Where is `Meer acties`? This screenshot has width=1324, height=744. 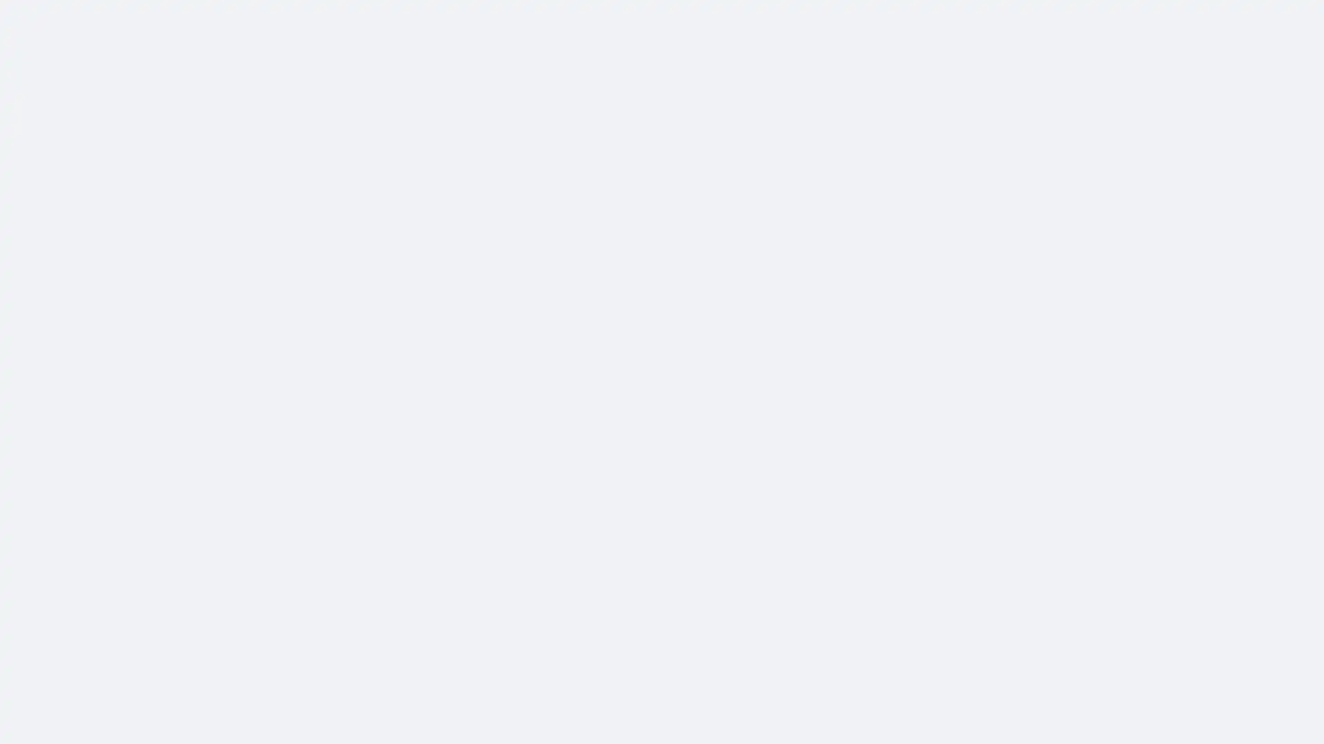
Meer acties is located at coordinates (946, 179).